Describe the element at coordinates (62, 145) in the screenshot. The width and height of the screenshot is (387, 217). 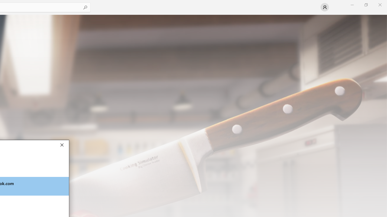
I see `'Close Sign in'` at that location.